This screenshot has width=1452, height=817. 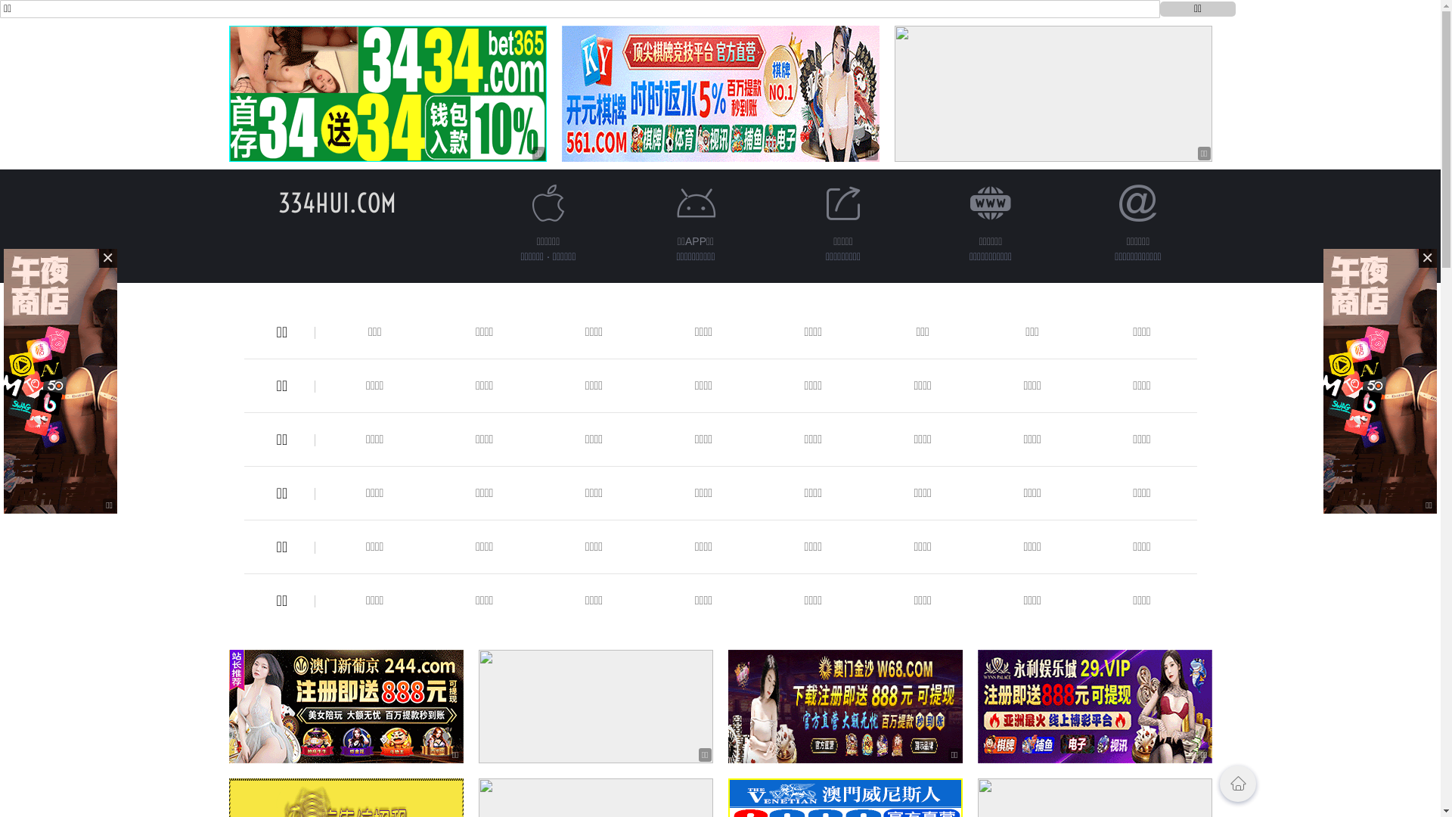 What do you see at coordinates (278, 202) in the screenshot?
I see `'334HUI.COM'` at bounding box center [278, 202].